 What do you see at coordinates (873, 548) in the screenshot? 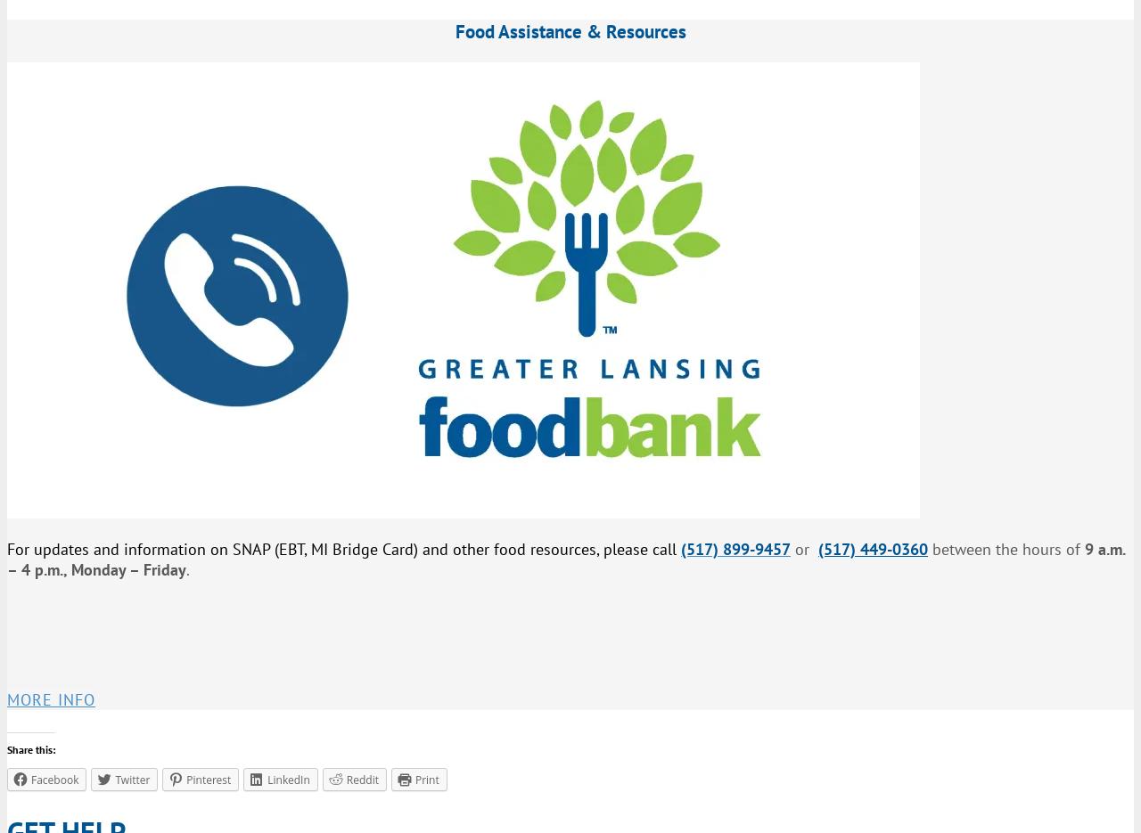
I see `'(517) 449-0360'` at bounding box center [873, 548].